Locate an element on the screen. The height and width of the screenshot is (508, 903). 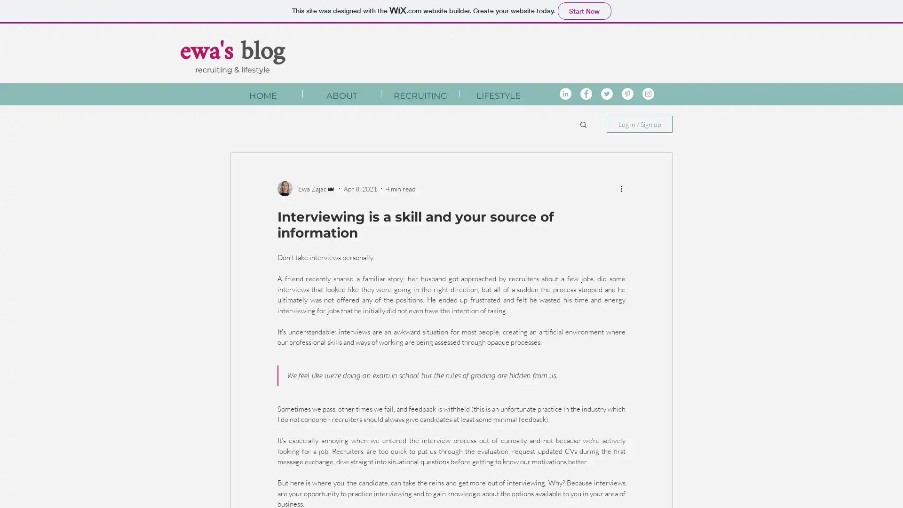
Search is located at coordinates (583, 125).